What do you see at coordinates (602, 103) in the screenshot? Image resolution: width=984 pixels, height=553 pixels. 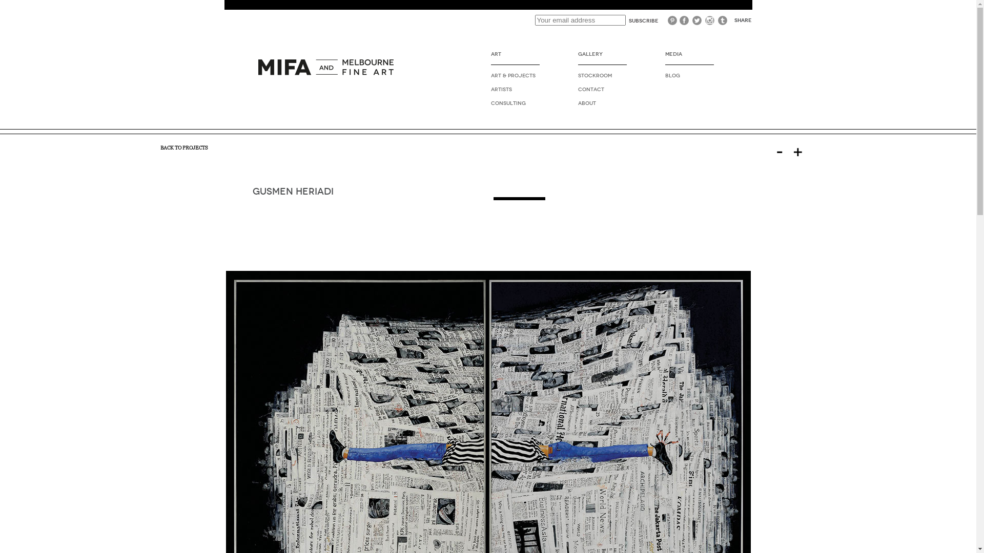 I see `'ABOUT'` at bounding box center [602, 103].